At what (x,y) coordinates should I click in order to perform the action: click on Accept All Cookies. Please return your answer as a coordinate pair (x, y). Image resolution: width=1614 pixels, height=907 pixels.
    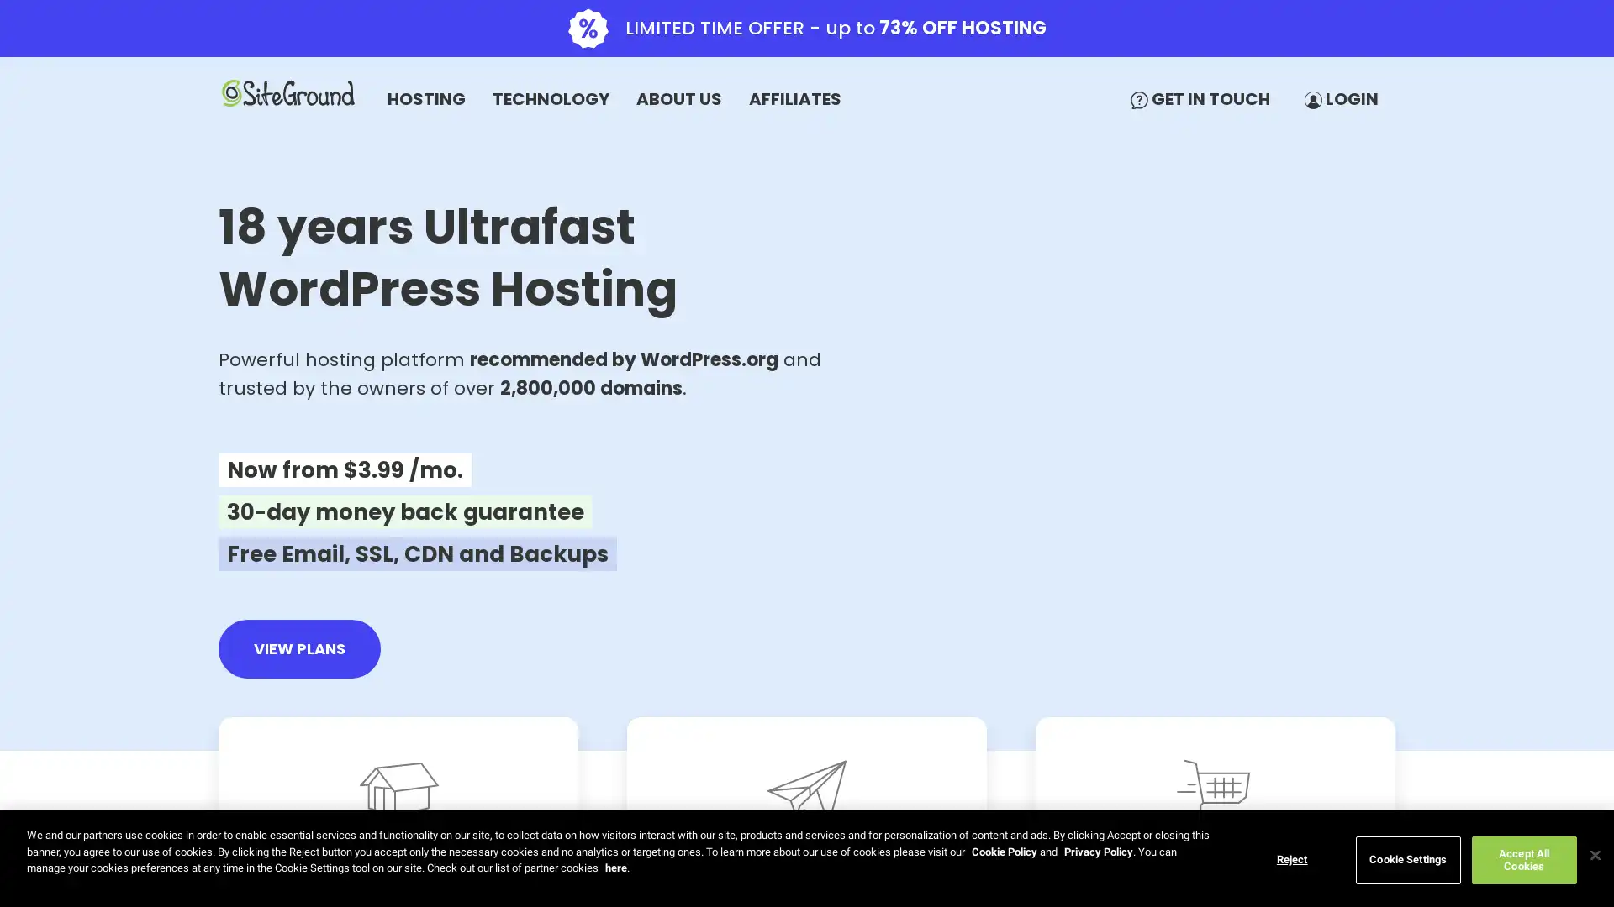
    Looking at the image, I should click on (1523, 859).